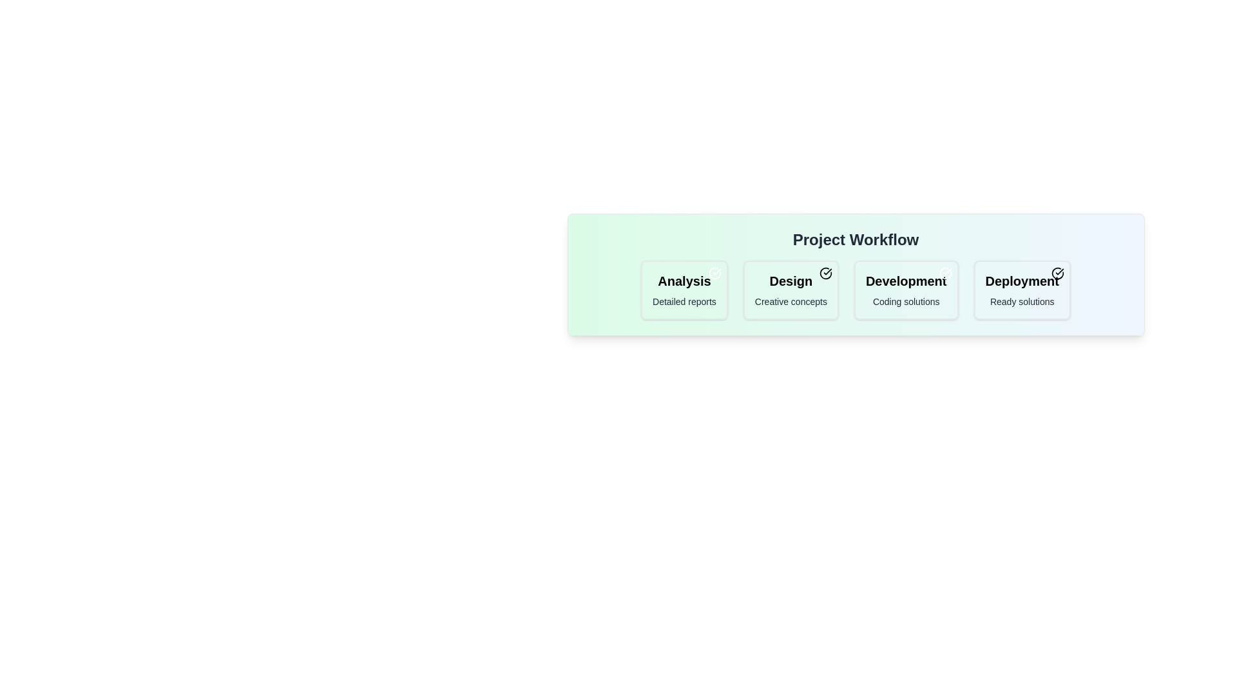 This screenshot has width=1237, height=695. What do you see at coordinates (905, 290) in the screenshot?
I see `the chip labeled 'Development'` at bounding box center [905, 290].